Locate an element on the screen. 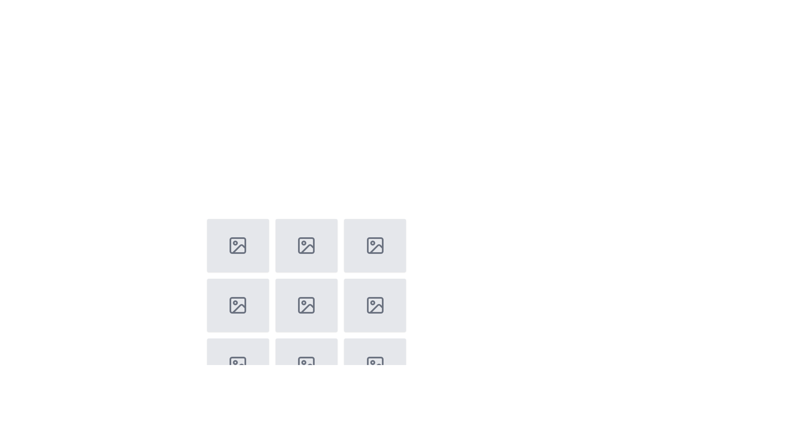  the image-related functionality icon located in the second row and third column of the grid layout is located at coordinates (374, 245).